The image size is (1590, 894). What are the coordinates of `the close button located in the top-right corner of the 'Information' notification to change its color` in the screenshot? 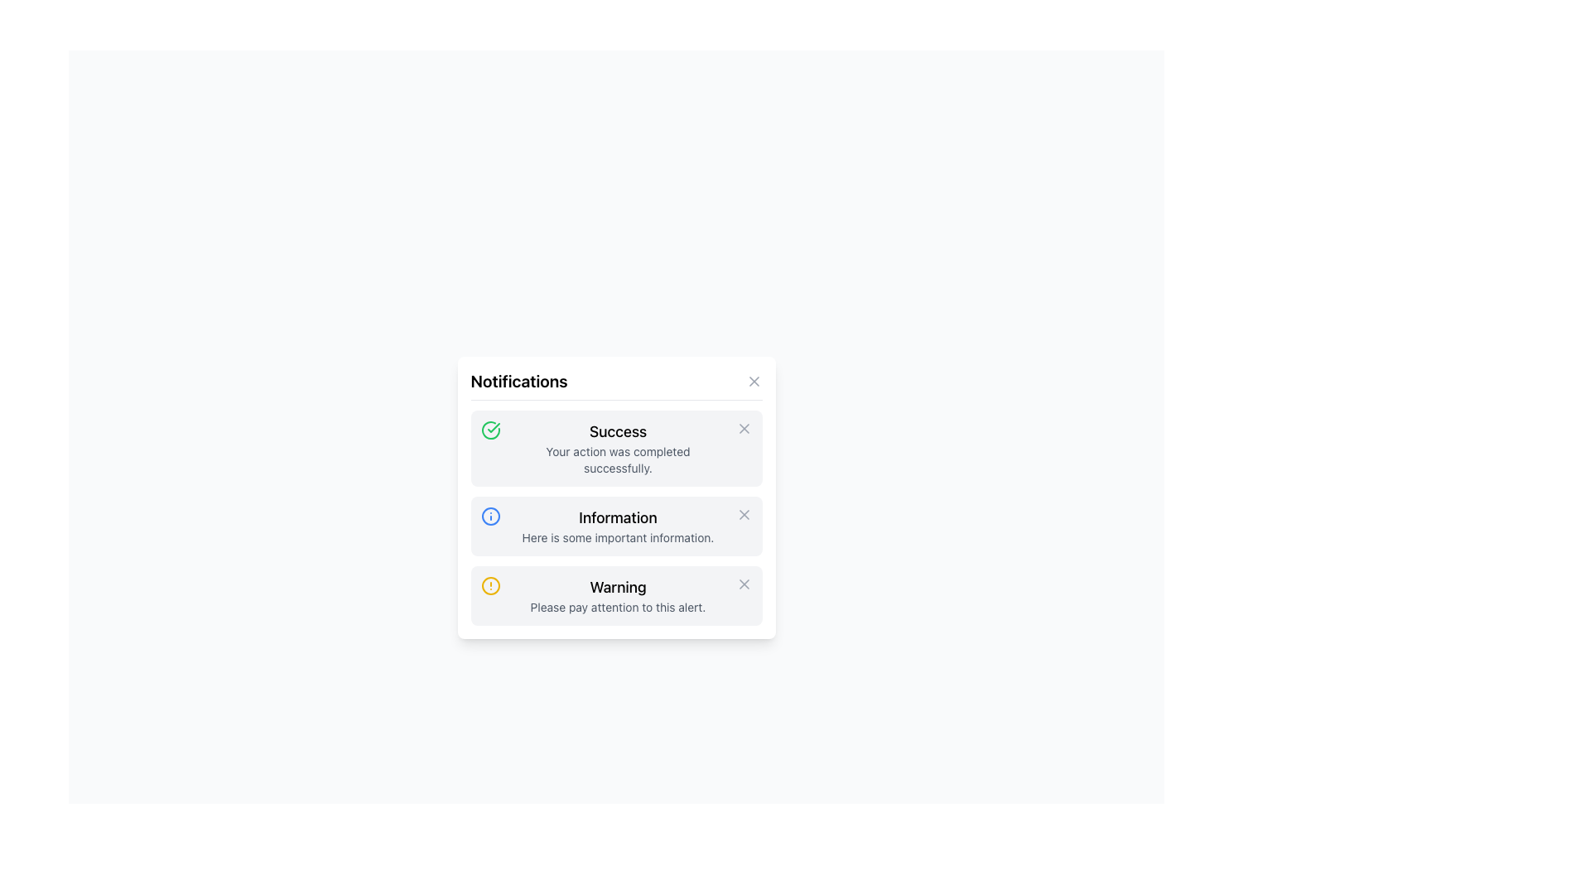 It's located at (743, 513).